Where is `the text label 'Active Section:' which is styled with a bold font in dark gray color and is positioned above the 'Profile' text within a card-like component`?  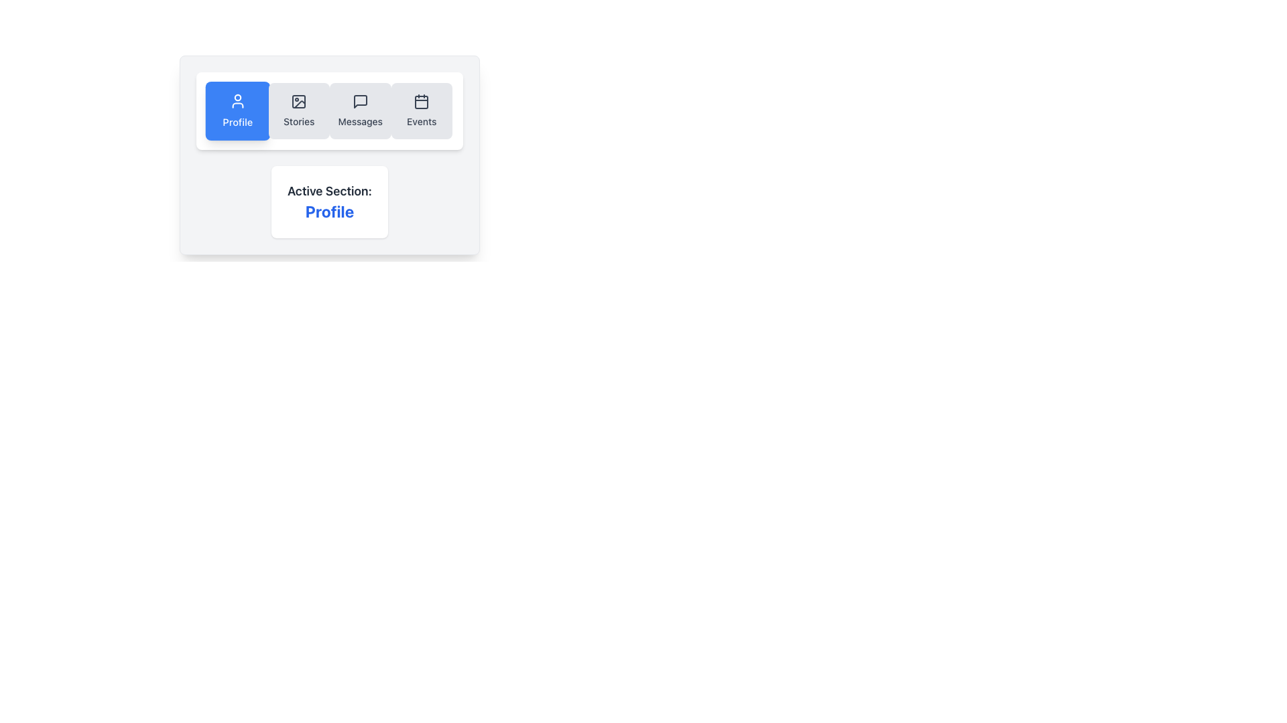
the text label 'Active Section:' which is styled with a bold font in dark gray color and is positioned above the 'Profile' text within a card-like component is located at coordinates (329, 191).